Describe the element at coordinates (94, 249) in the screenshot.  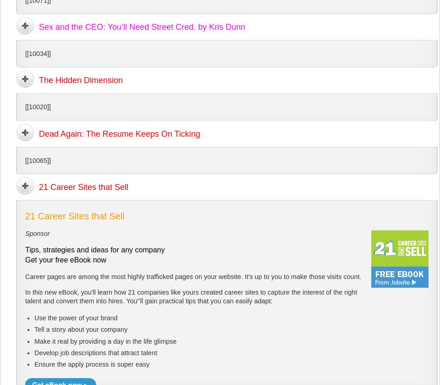
I see `'Tips, strategies and ideas for any company'` at that location.